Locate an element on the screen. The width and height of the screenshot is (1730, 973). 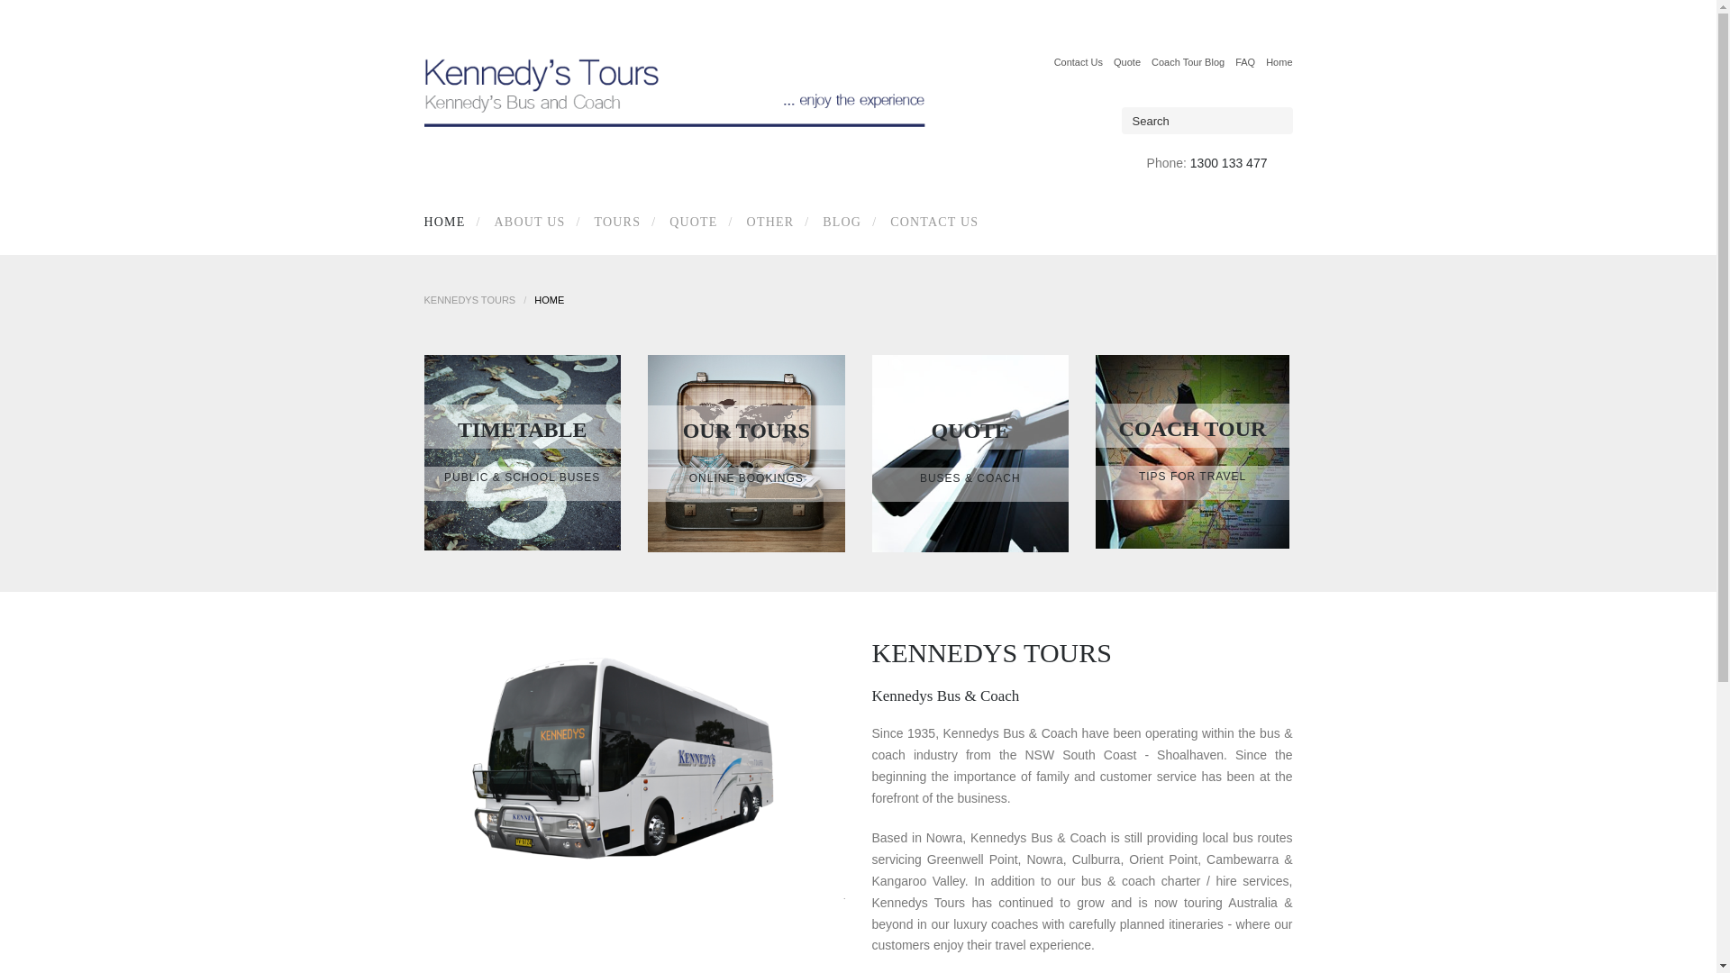
'TOURS' is located at coordinates (614, 221).